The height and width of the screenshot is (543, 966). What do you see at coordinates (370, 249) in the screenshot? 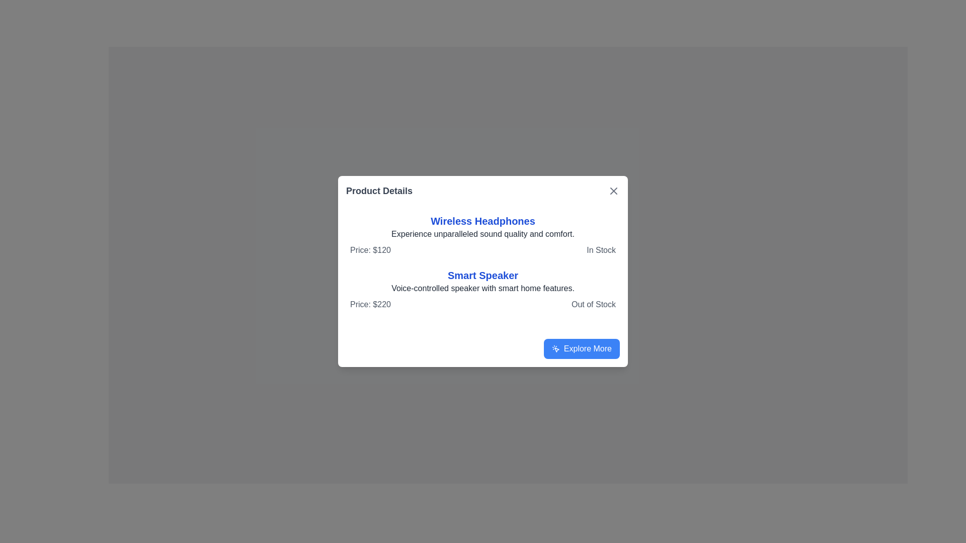
I see `price displayed in the static text label for 'Wireless Headphones', which is located centrally within the product card under the product title` at bounding box center [370, 249].